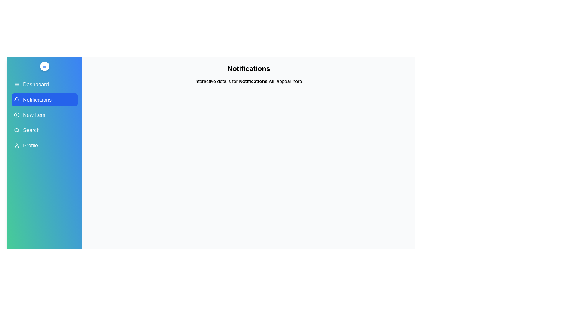 The image size is (565, 317). I want to click on the menu item Notifications in the sidebar to display its details, so click(44, 99).